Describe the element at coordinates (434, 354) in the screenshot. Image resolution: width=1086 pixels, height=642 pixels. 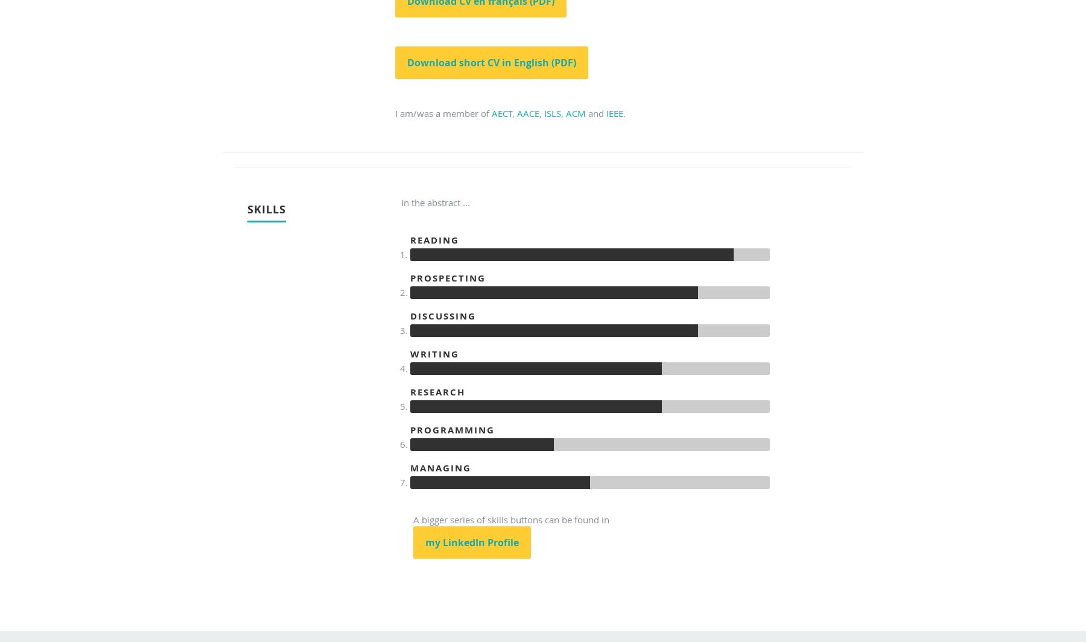
I see `'Writing'` at that location.